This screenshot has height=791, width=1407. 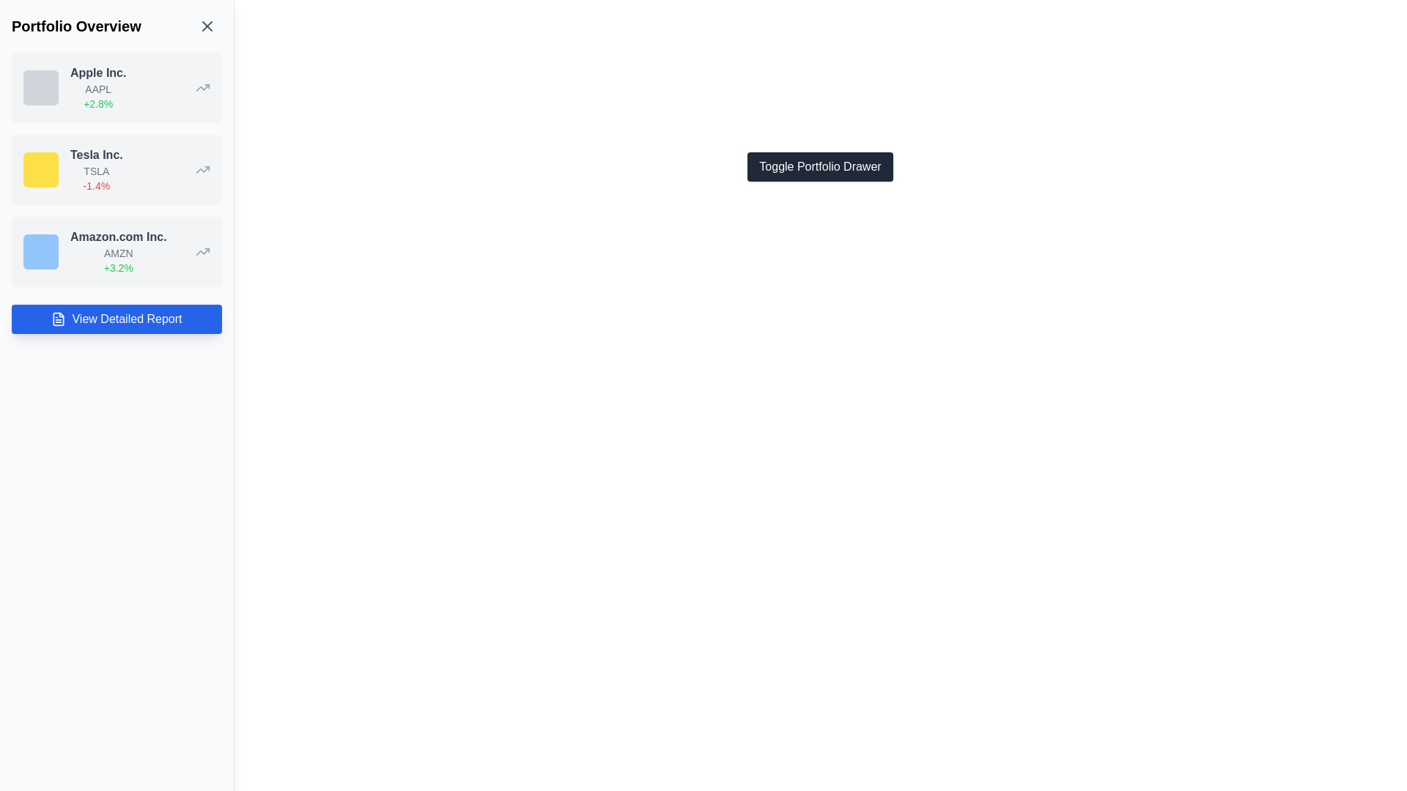 What do you see at coordinates (59, 318) in the screenshot?
I see `the icon that decorates the button associated with file or document-related actions, positioned to the left of the text 'View Detailed Report'` at bounding box center [59, 318].